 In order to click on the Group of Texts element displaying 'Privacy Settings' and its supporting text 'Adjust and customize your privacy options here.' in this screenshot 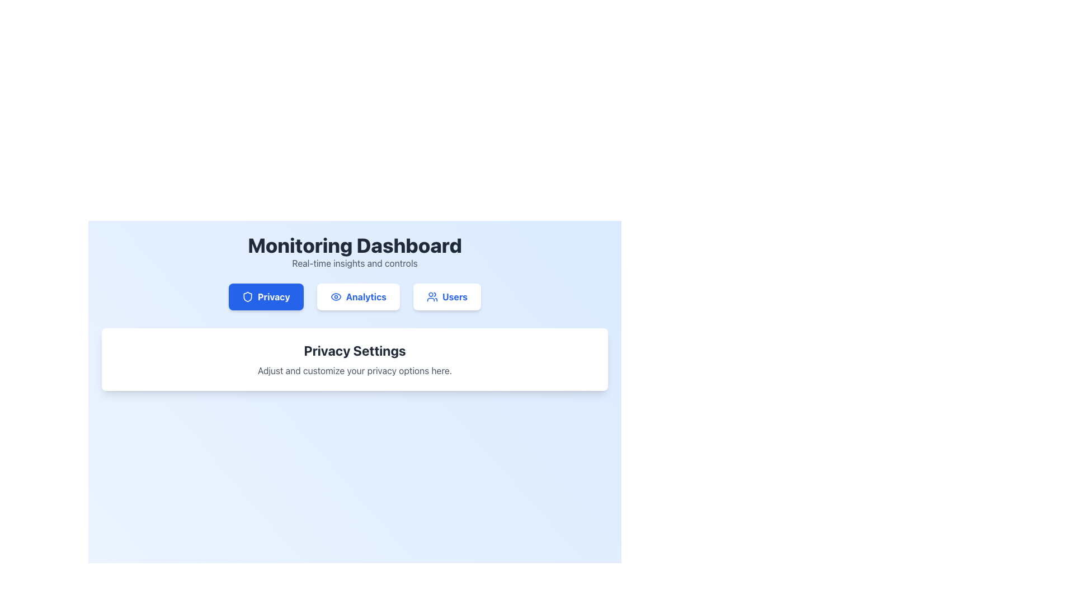, I will do `click(354, 360)`.